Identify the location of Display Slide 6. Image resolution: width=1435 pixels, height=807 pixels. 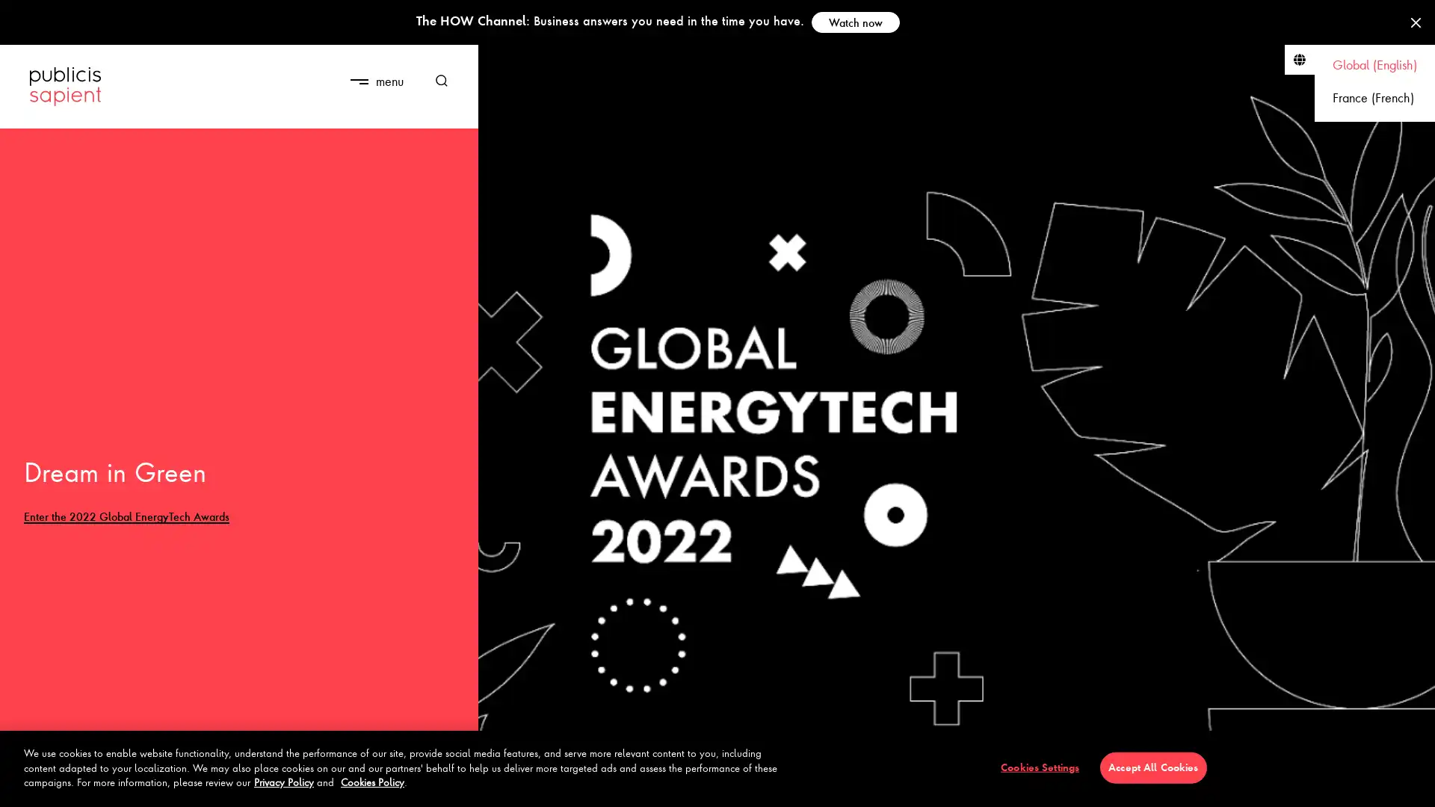
(154, 786).